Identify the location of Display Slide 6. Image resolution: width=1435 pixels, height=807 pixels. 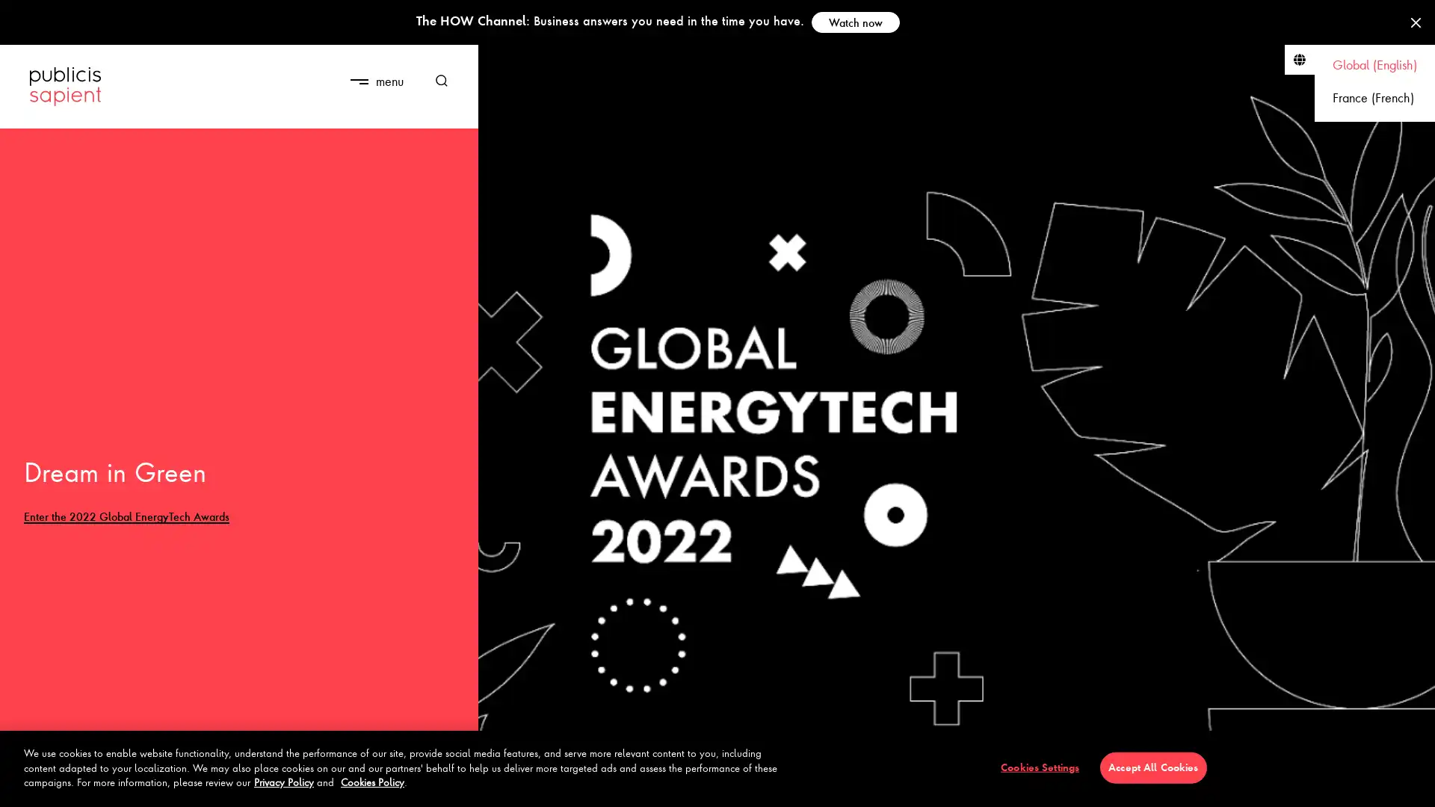
(154, 786).